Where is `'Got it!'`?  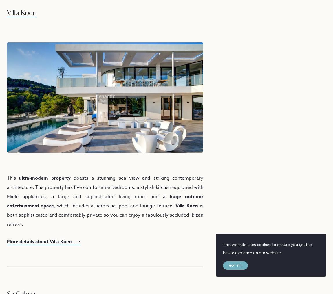 'Got it!' is located at coordinates (228, 265).